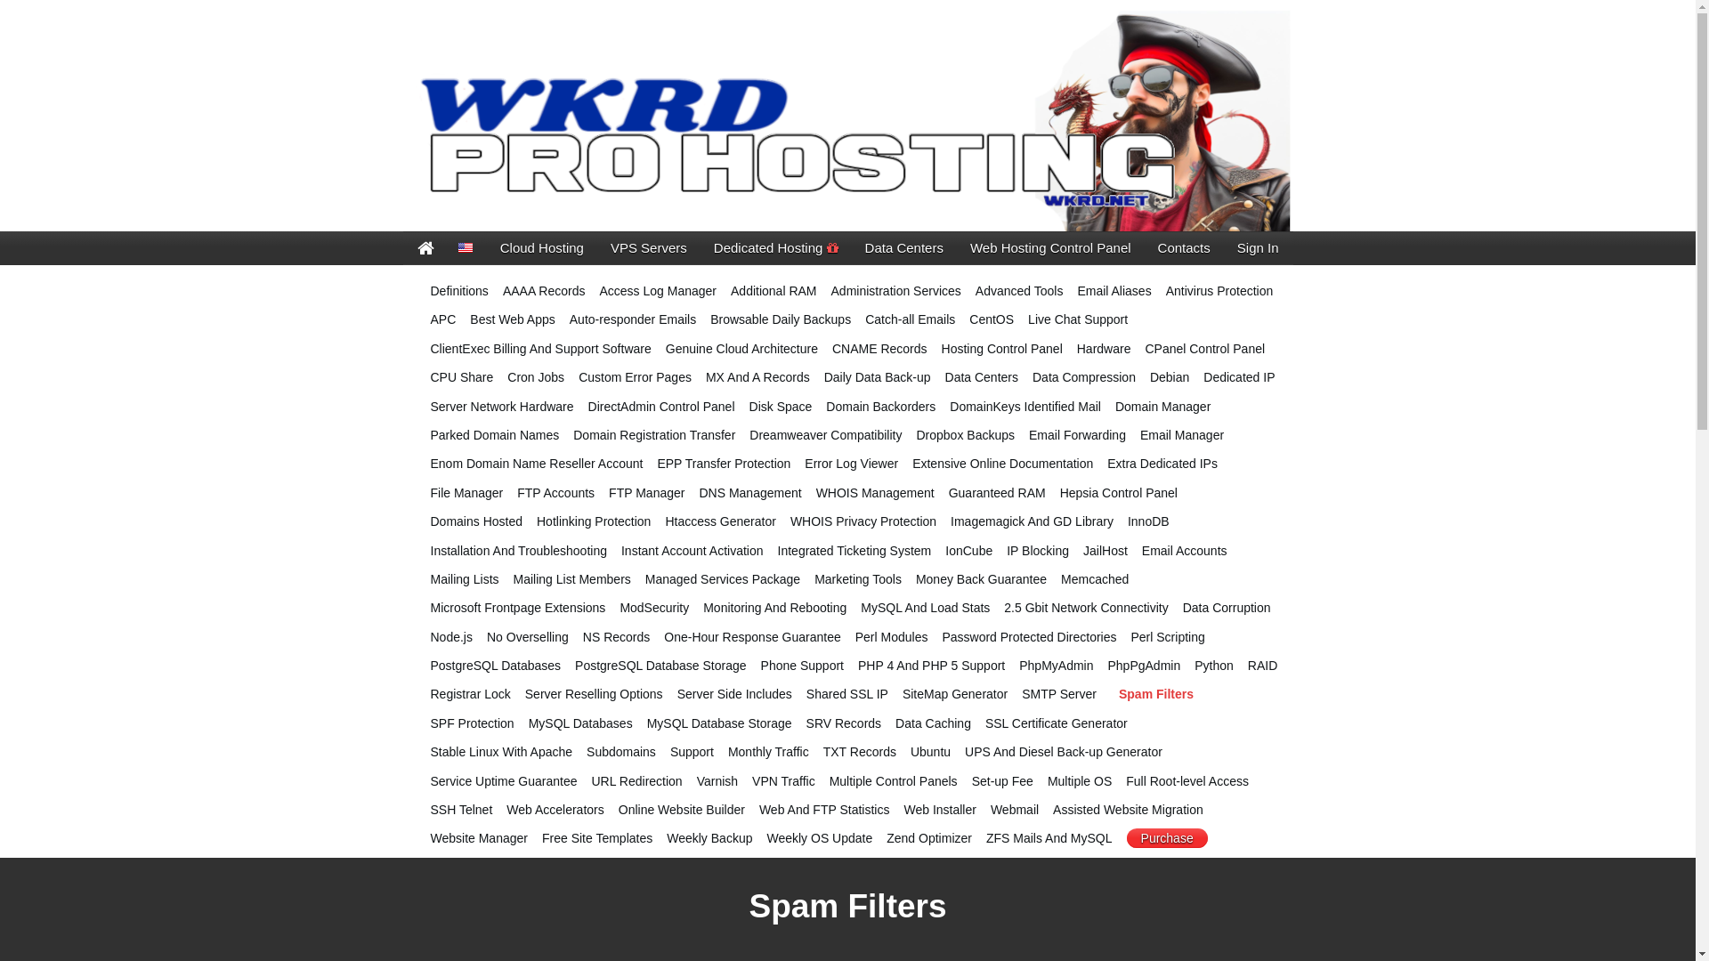 This screenshot has width=1709, height=961. What do you see at coordinates (1162, 462) in the screenshot?
I see `'Extra Dedicated IPs'` at bounding box center [1162, 462].